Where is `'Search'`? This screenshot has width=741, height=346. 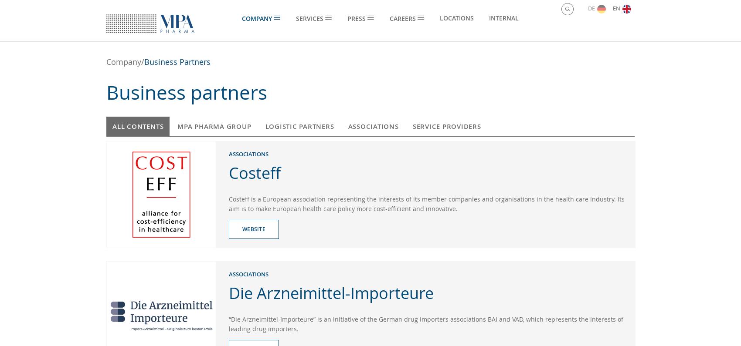
'Search' is located at coordinates (584, 10).